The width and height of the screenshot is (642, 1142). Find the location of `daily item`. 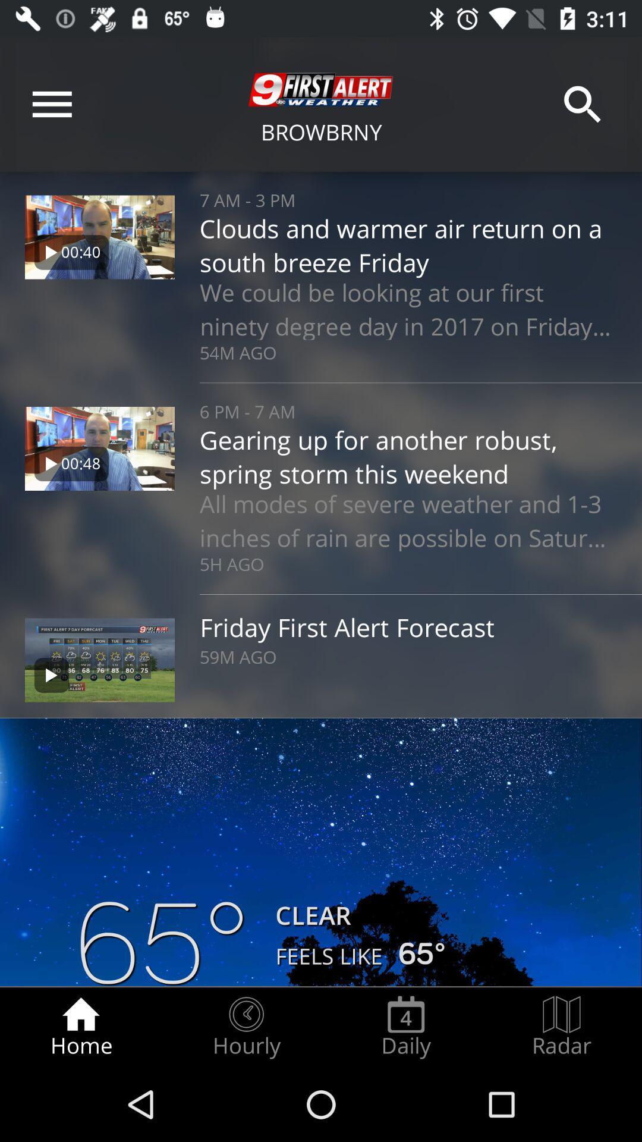

daily item is located at coordinates (405, 1027).